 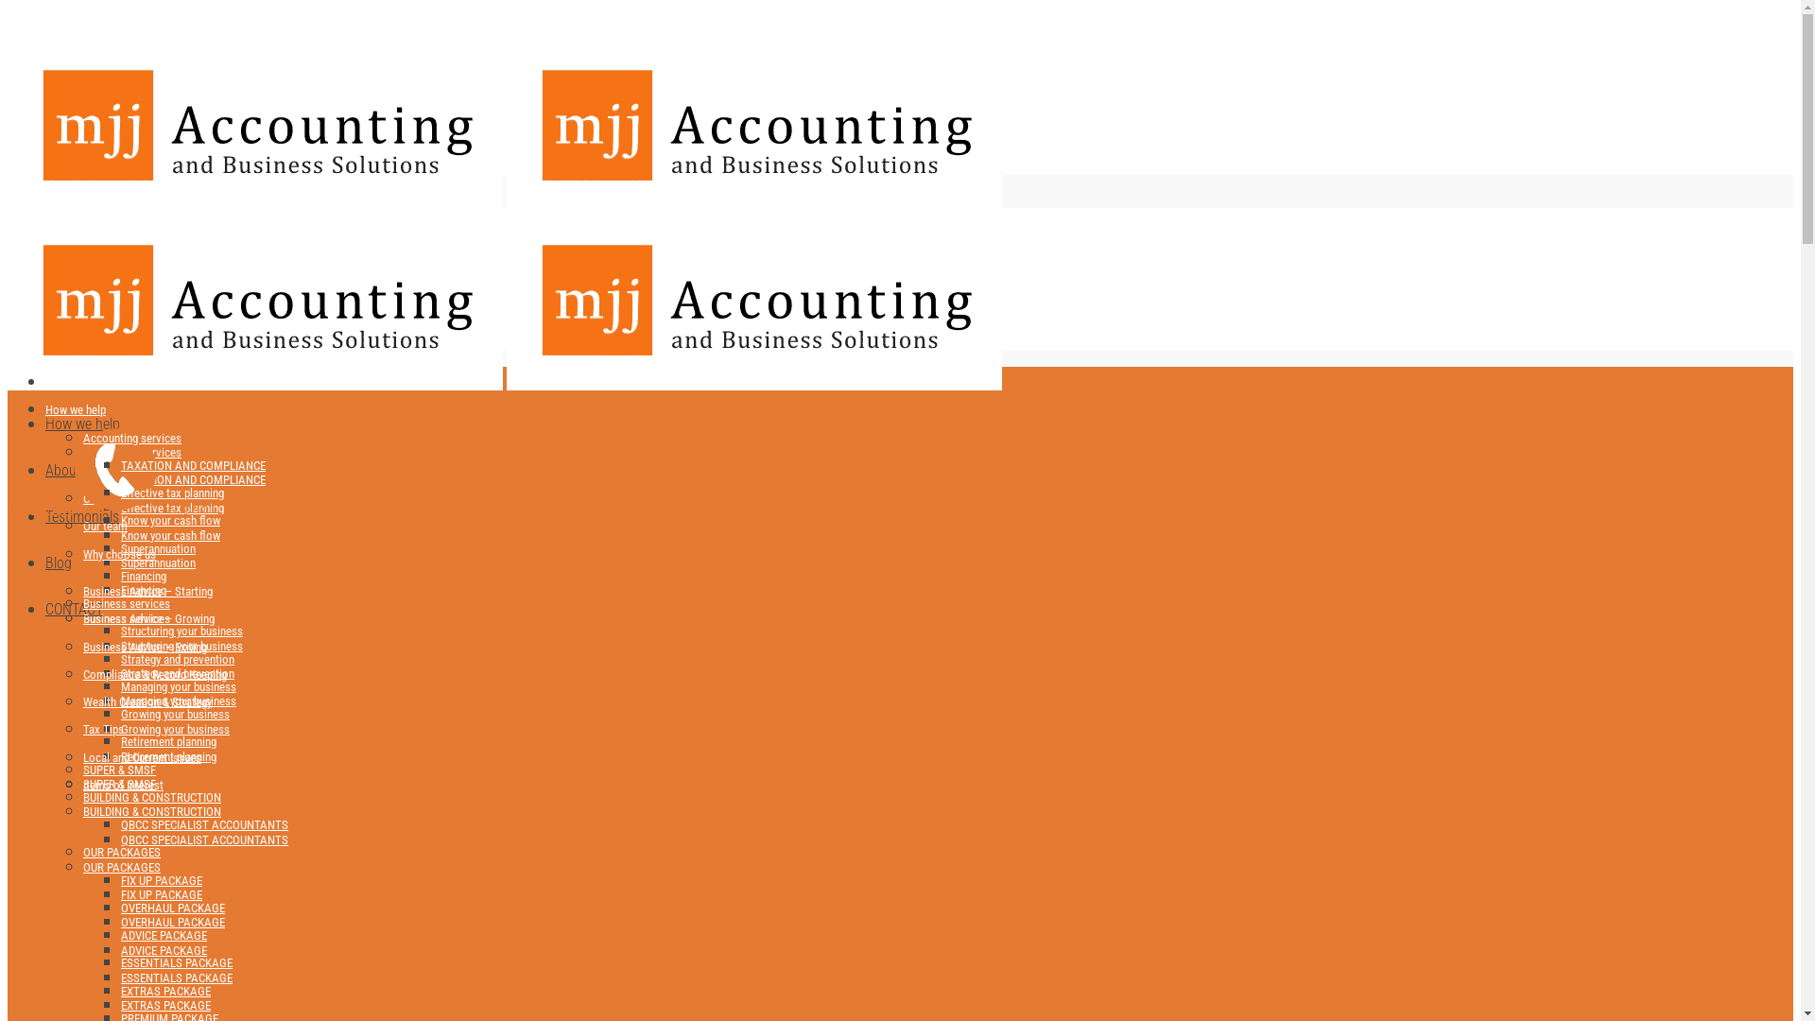 I want to click on 'Know your cash flow', so click(x=170, y=520).